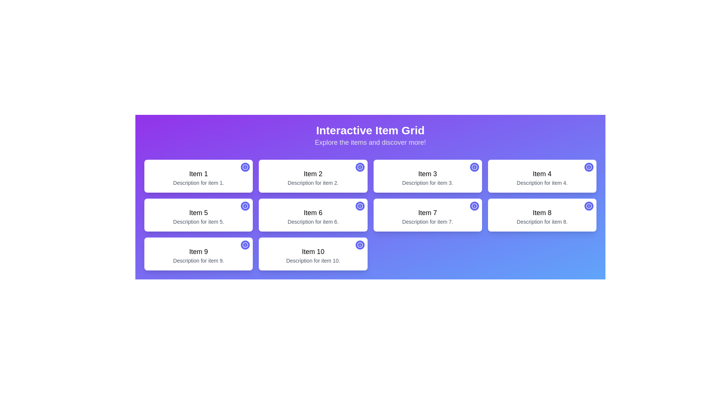  Describe the element at coordinates (199, 183) in the screenshot. I see `the descriptive text label that provides additional information about the 'Item 1' item in the grid, located beneath the 'Item 1' title text` at that location.